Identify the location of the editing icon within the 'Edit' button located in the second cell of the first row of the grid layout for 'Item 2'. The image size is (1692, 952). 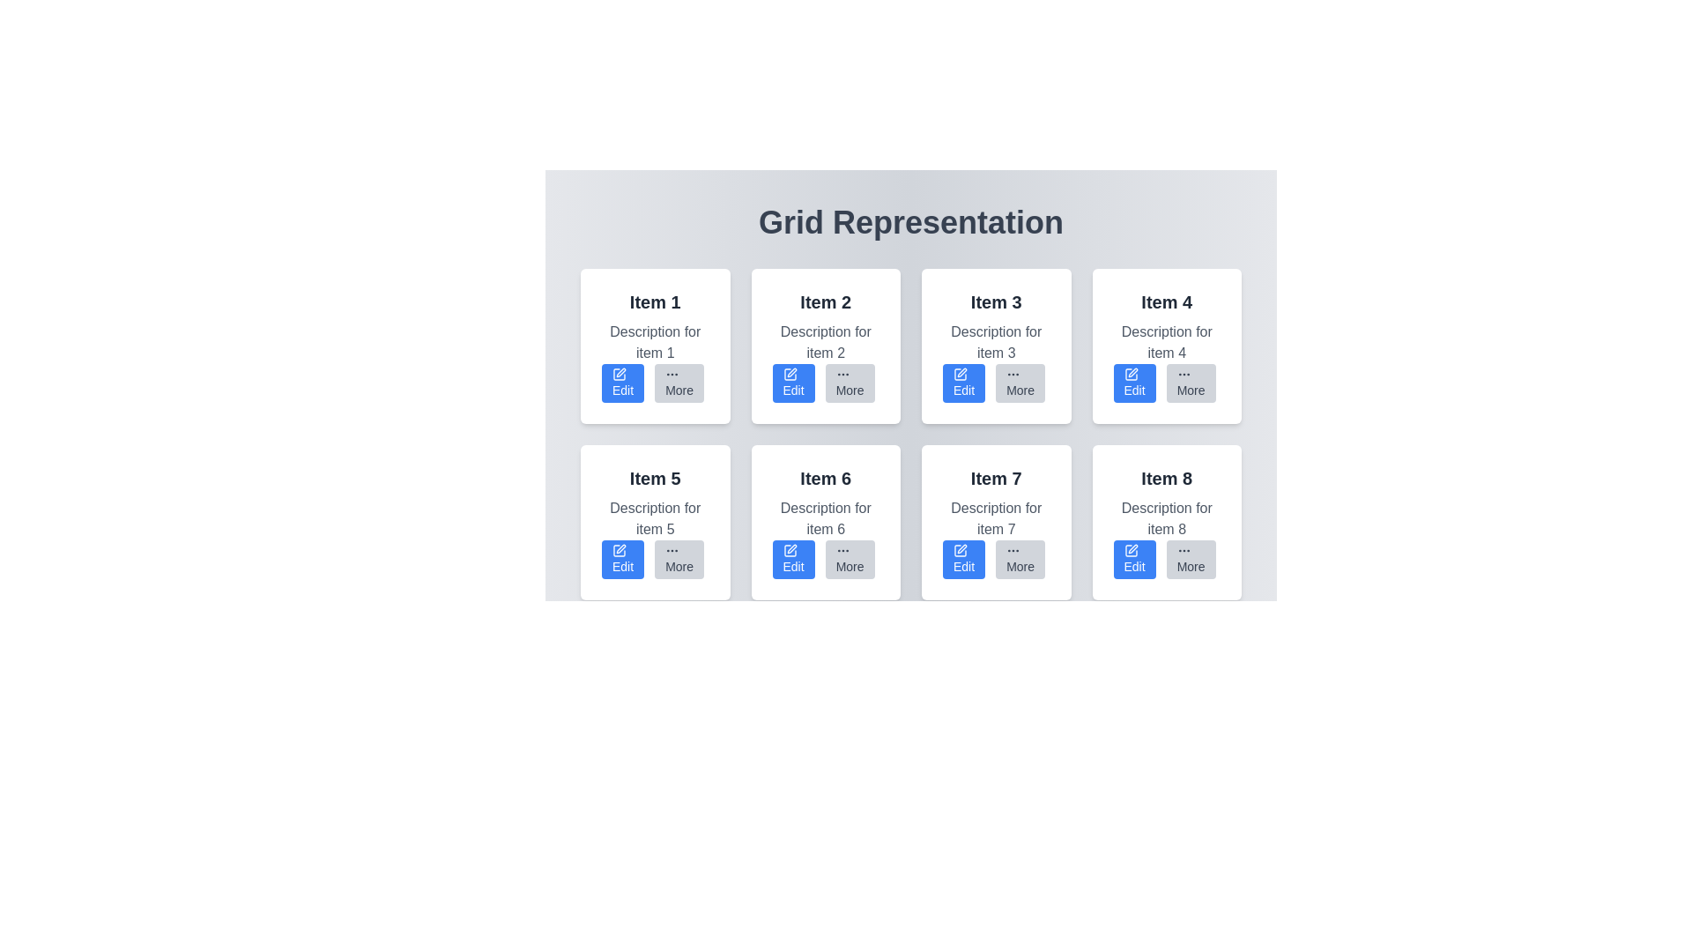
(790, 372).